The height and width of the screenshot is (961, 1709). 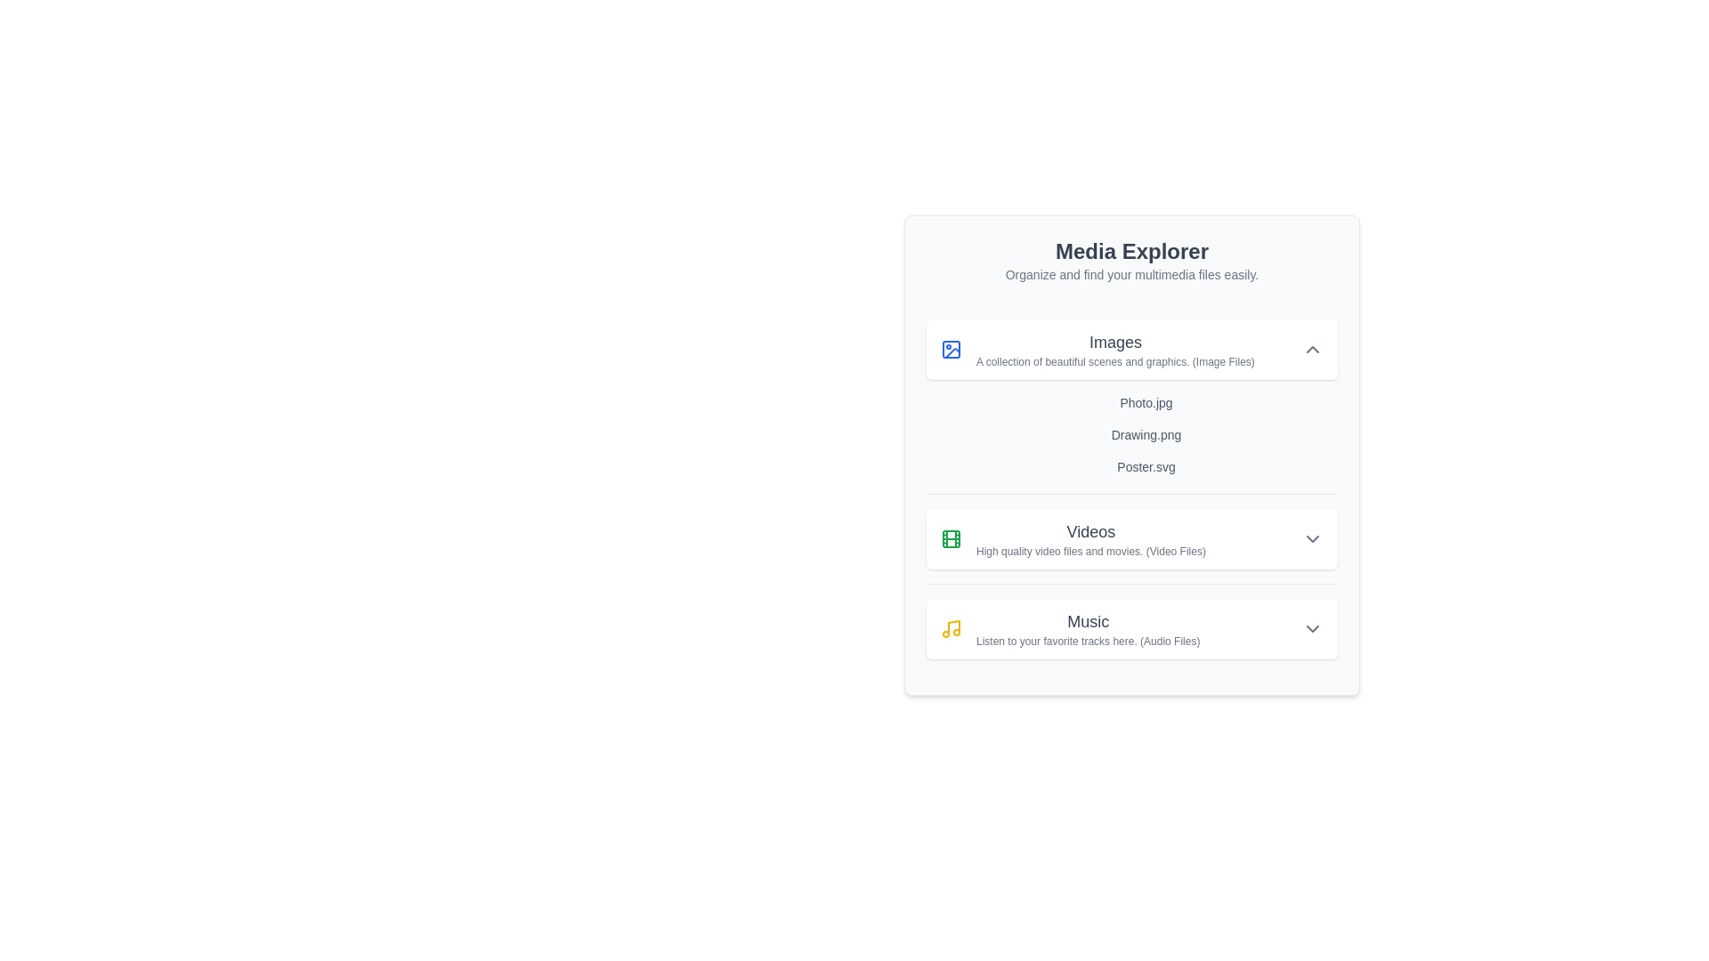 What do you see at coordinates (951, 537) in the screenshot?
I see `the green filmstrip icon located to the left of the 'Videos' section, which has several vertical cuts separating the frames` at bounding box center [951, 537].